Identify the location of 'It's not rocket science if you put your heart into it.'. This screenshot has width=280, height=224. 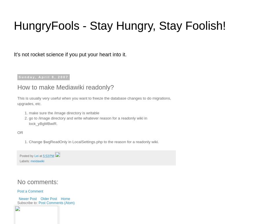
(70, 54).